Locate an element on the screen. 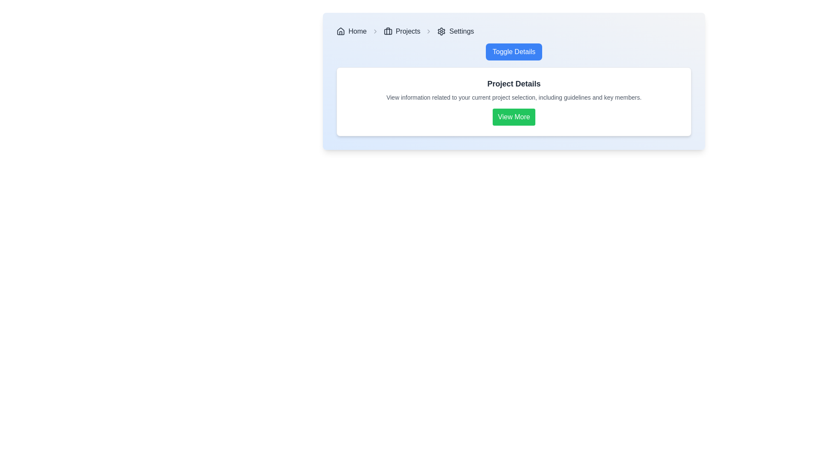 This screenshot has width=819, height=460. the gear icon located to the left of the 'Settings' label in the navigation bar is located at coordinates (441, 31).